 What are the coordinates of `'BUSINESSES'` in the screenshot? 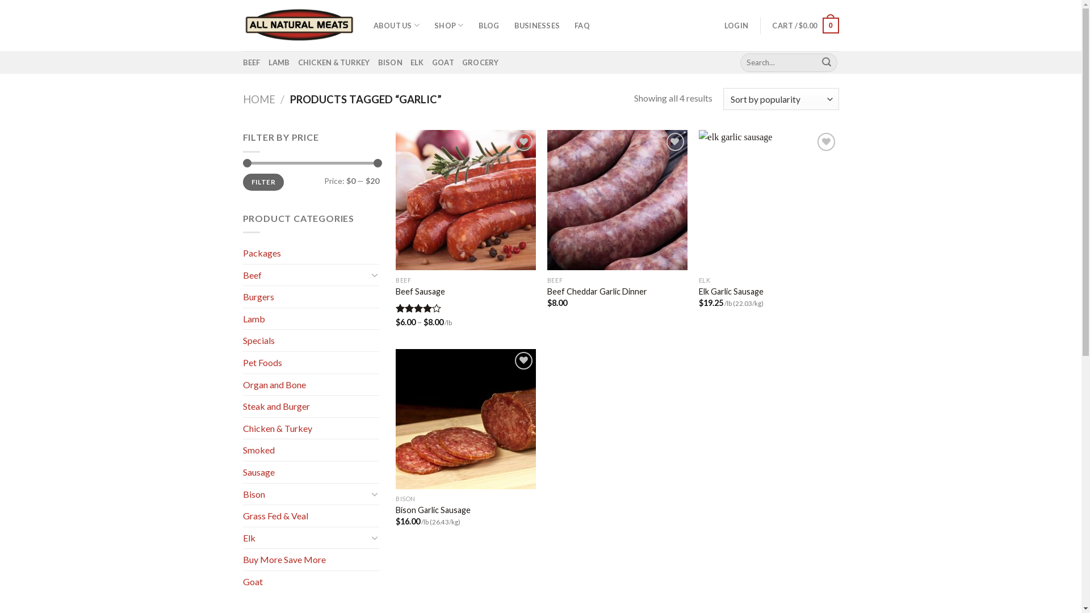 It's located at (536, 26).